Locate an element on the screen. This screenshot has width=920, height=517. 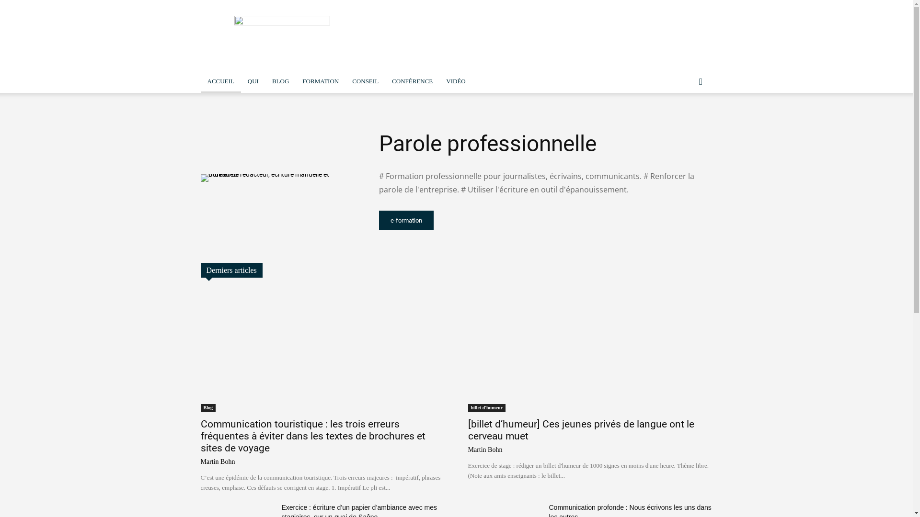
'ACCUEIL' is located at coordinates (220, 80).